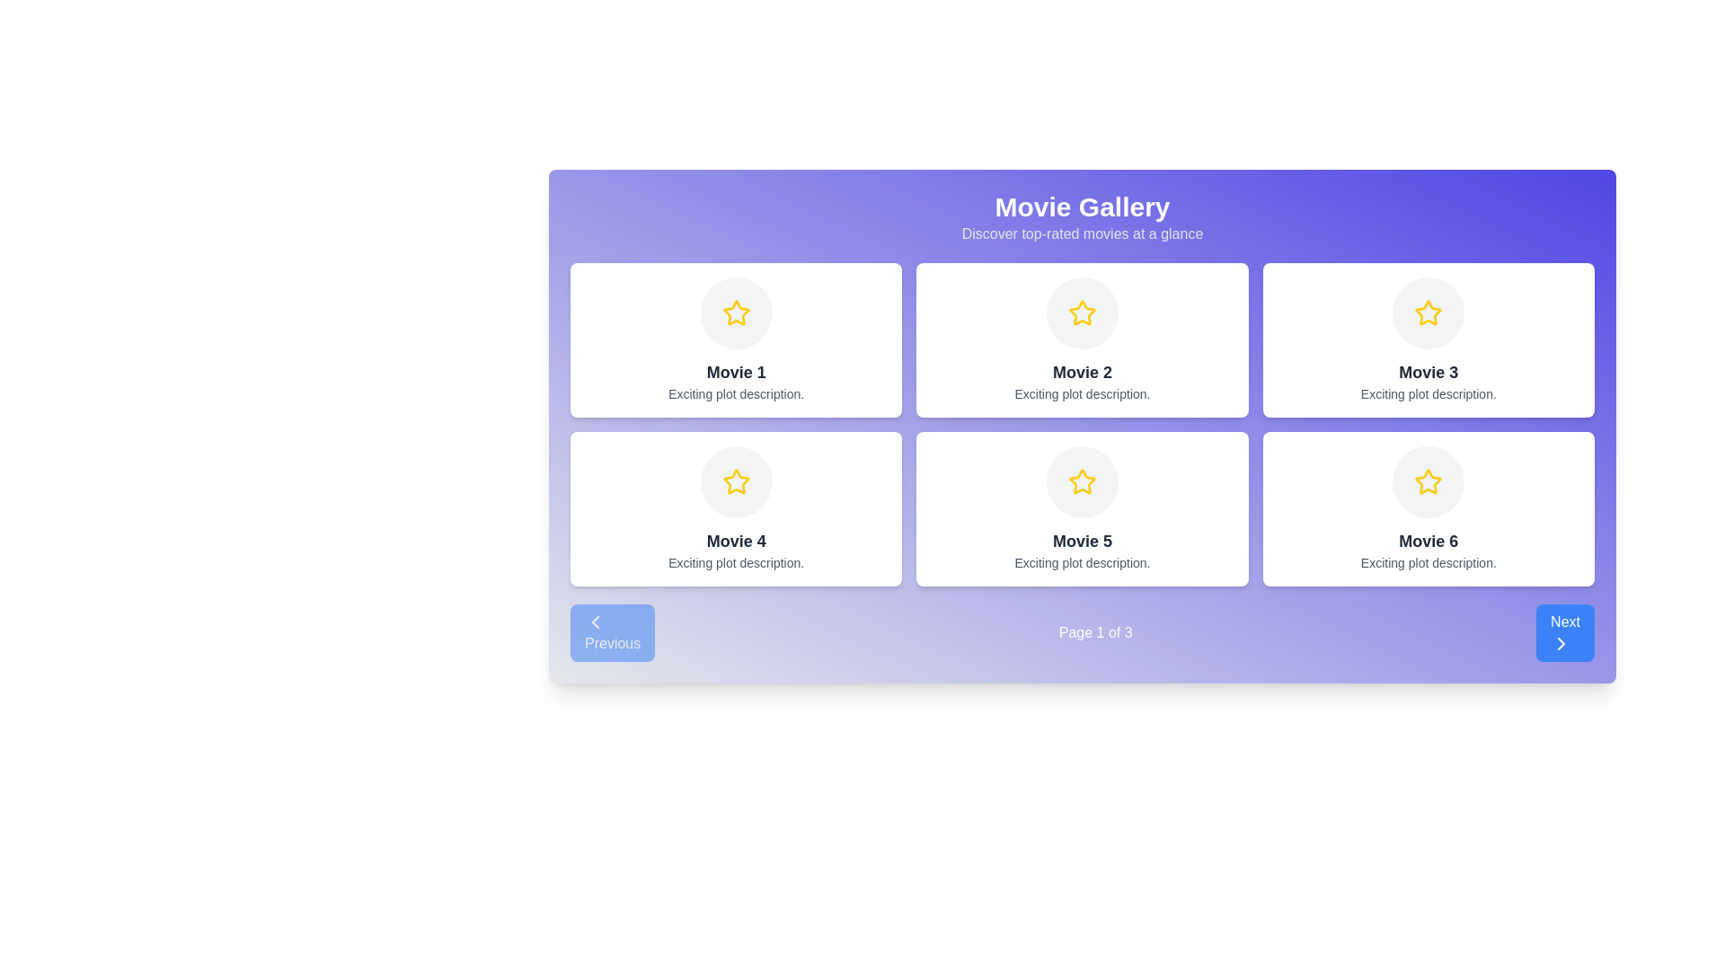  What do you see at coordinates (1081, 481) in the screenshot?
I see `the star-shaped icon that serves as a visual indicator for rating, located in the bottom-middle tile of the grid layout, aligned with the 'Movie 5' label` at bounding box center [1081, 481].